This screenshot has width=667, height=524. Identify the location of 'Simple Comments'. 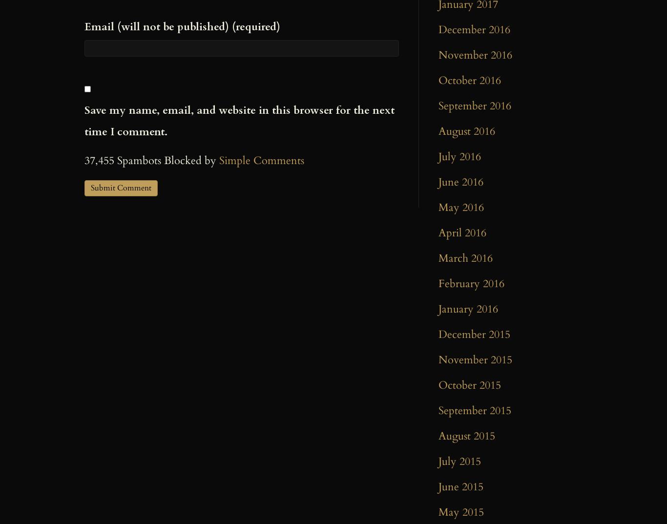
(262, 160).